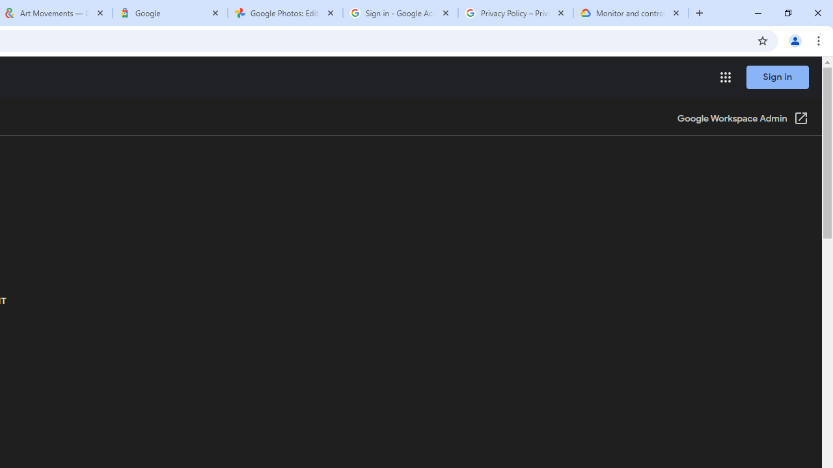 This screenshot has width=833, height=468. I want to click on 'Sign in', so click(777, 77).